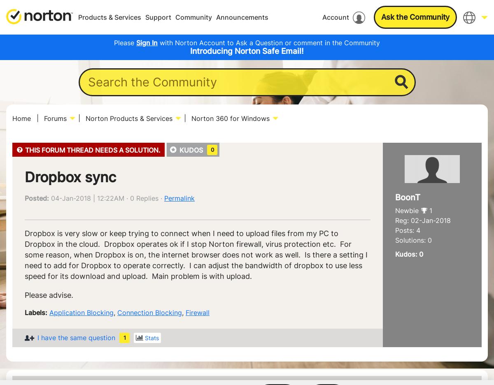  Describe the element at coordinates (408, 197) in the screenshot. I see `'BoonT'` at that location.